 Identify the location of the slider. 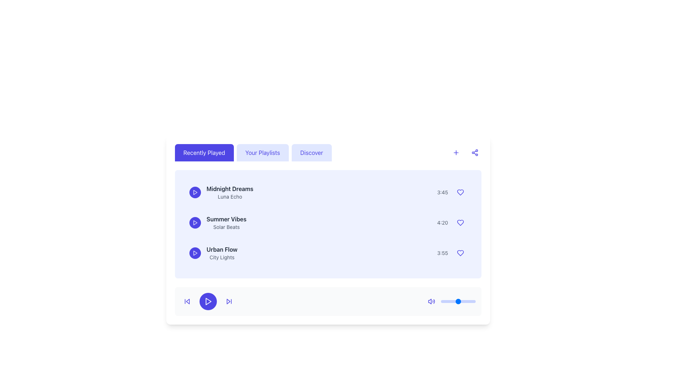
(467, 301).